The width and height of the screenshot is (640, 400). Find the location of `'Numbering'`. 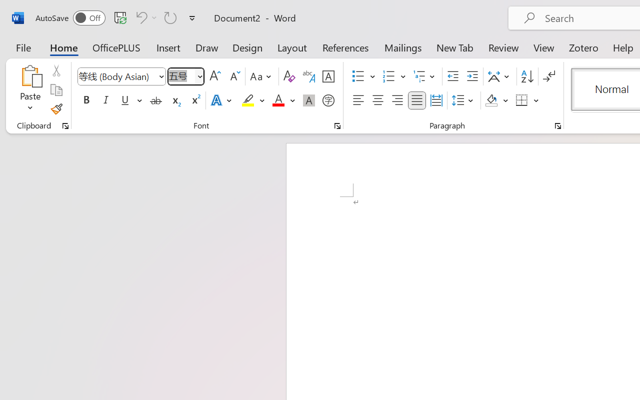

'Numbering' is located at coordinates (388, 76).